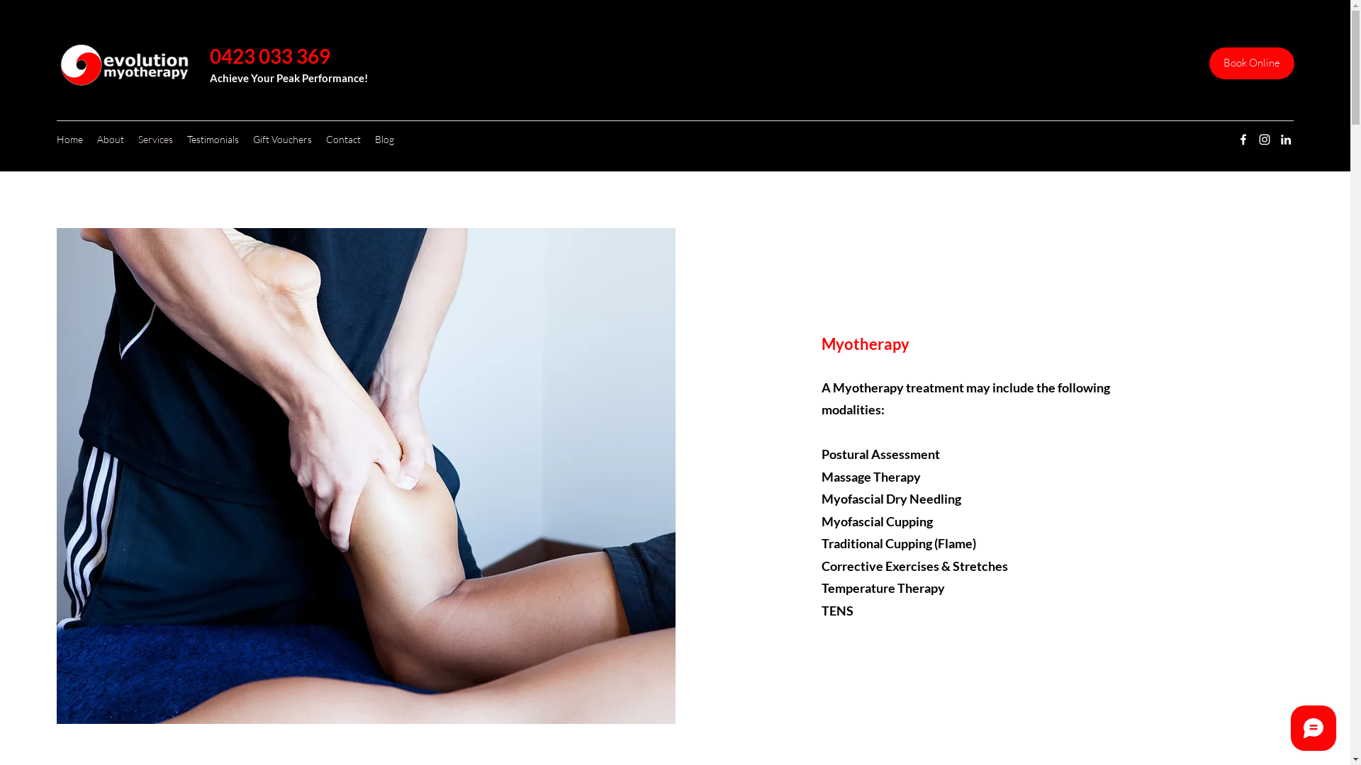 The width and height of the screenshot is (1361, 765). I want to click on 'Services', so click(155, 139).